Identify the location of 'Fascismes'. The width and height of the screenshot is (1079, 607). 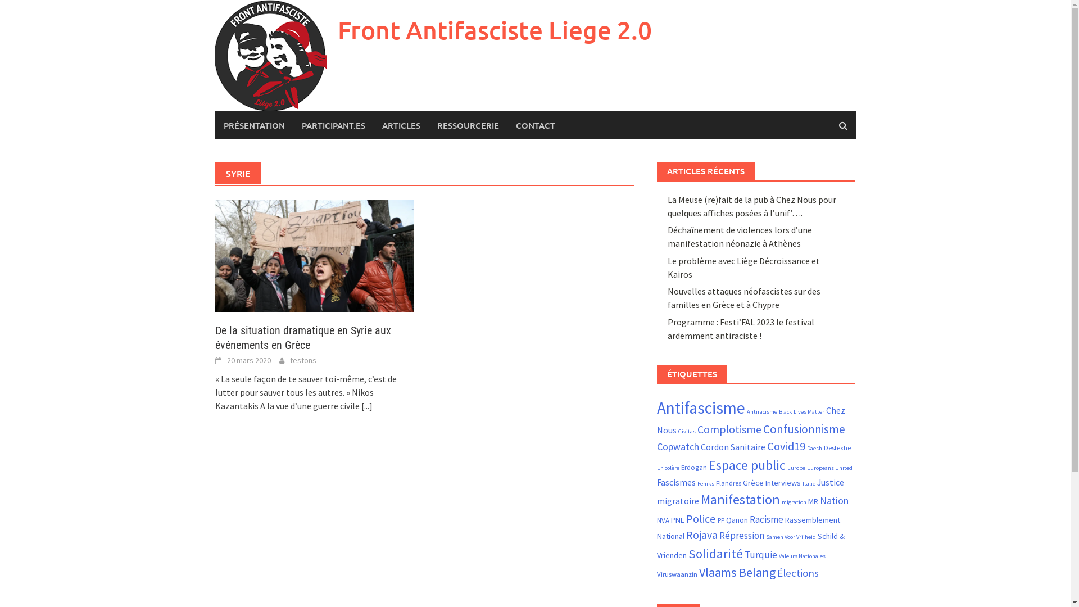
(657, 481).